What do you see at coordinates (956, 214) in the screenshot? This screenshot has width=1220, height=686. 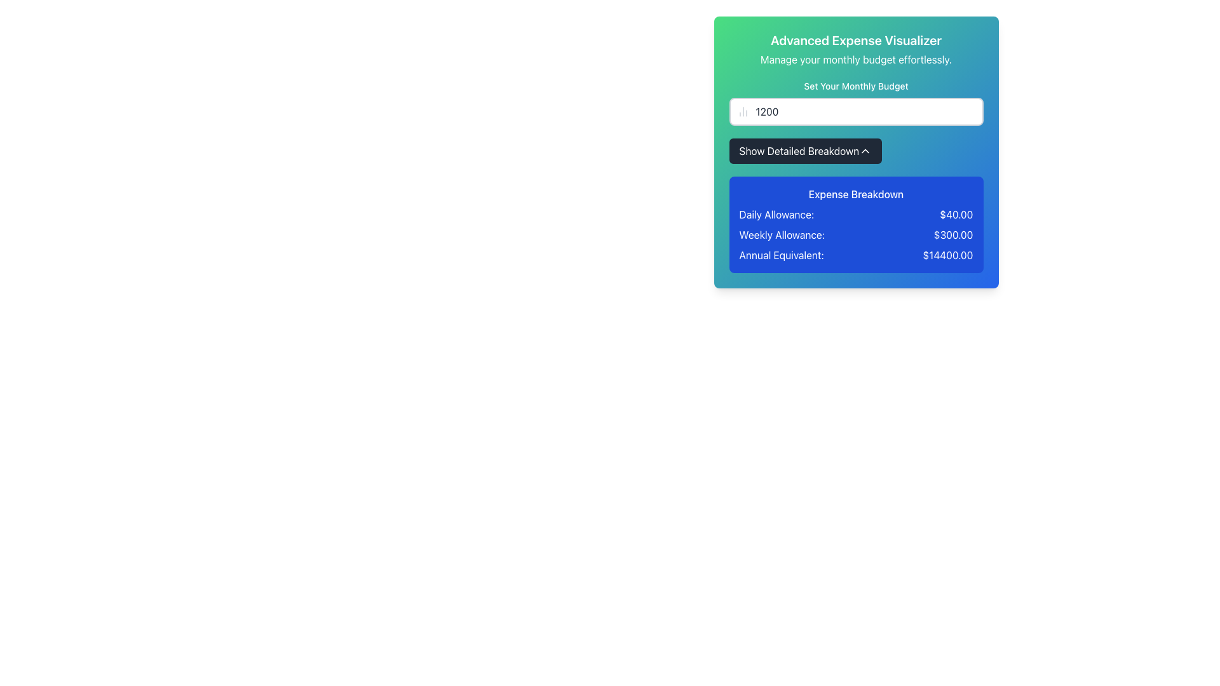 I see `the static Text Display that shows the calculated daily budget allowance, located in the bottom half of the interface within the 'Expense Breakdown' section` at bounding box center [956, 214].